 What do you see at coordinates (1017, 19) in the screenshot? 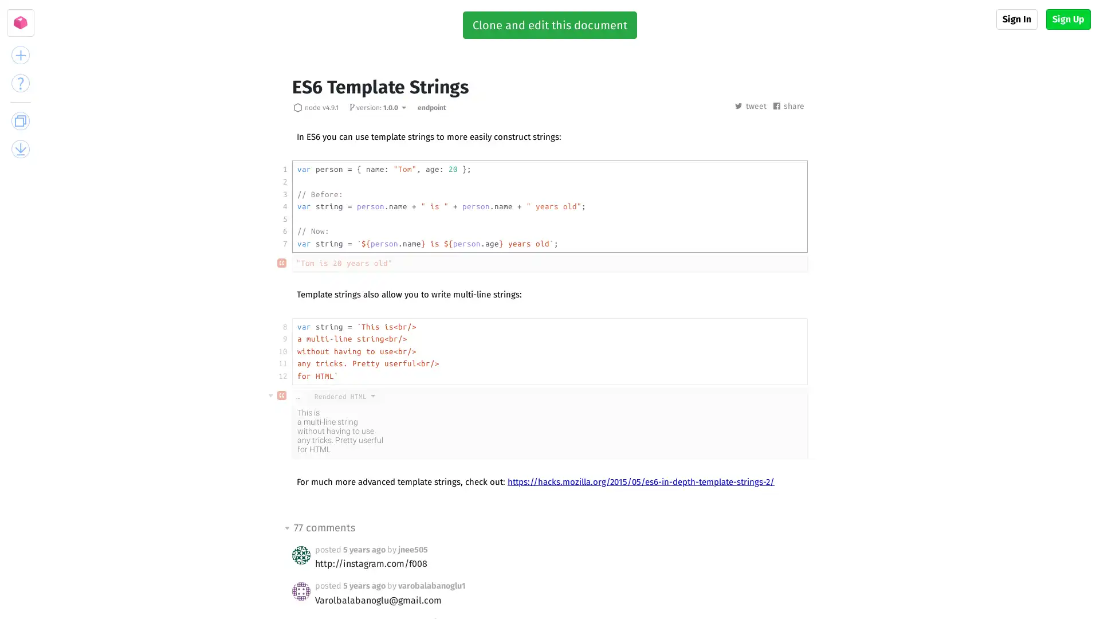
I see `Sign In` at bounding box center [1017, 19].